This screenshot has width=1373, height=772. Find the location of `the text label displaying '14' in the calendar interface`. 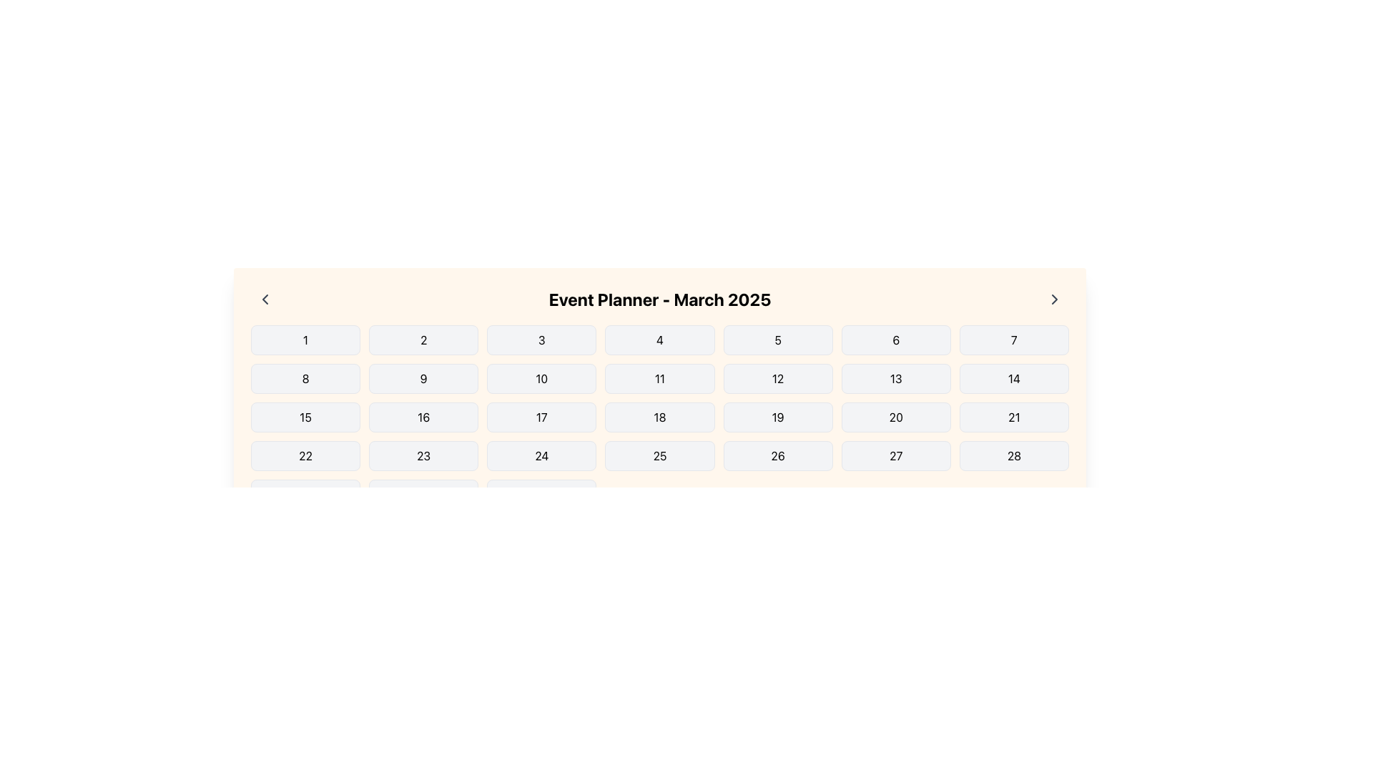

the text label displaying '14' in the calendar interface is located at coordinates (1013, 377).